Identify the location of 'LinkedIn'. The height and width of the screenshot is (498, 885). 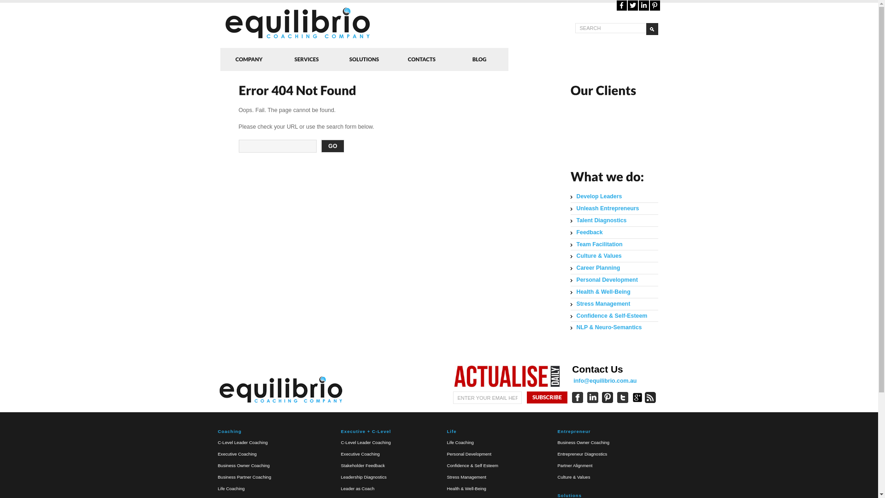
(640, 5).